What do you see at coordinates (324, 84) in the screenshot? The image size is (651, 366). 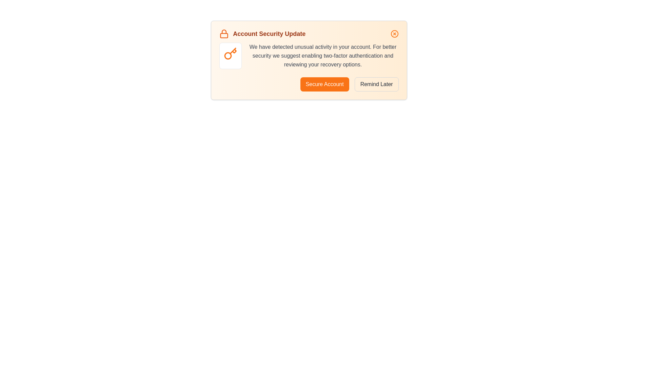 I see `the 'Secure Account' button to proceed with securing the account` at bounding box center [324, 84].